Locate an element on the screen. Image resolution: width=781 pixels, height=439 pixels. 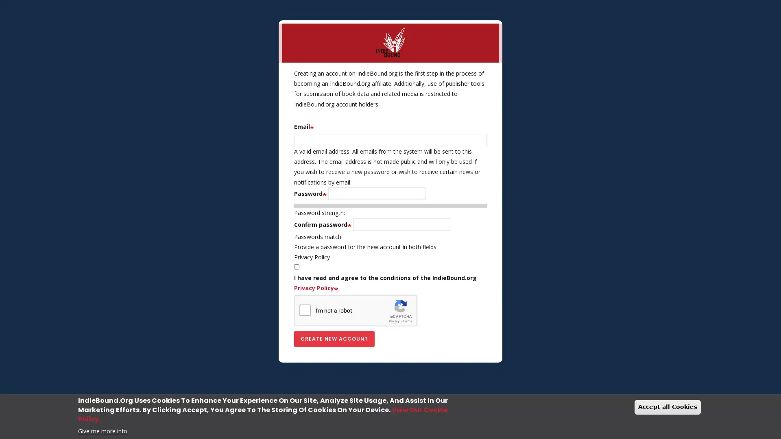
Subscribe is located at coordinates (390, 280).